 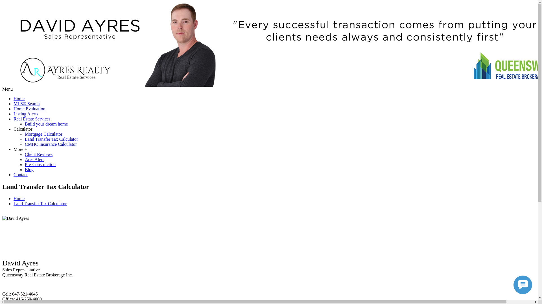 I want to click on 'Land Transfer Tax Calculator', so click(x=51, y=139).